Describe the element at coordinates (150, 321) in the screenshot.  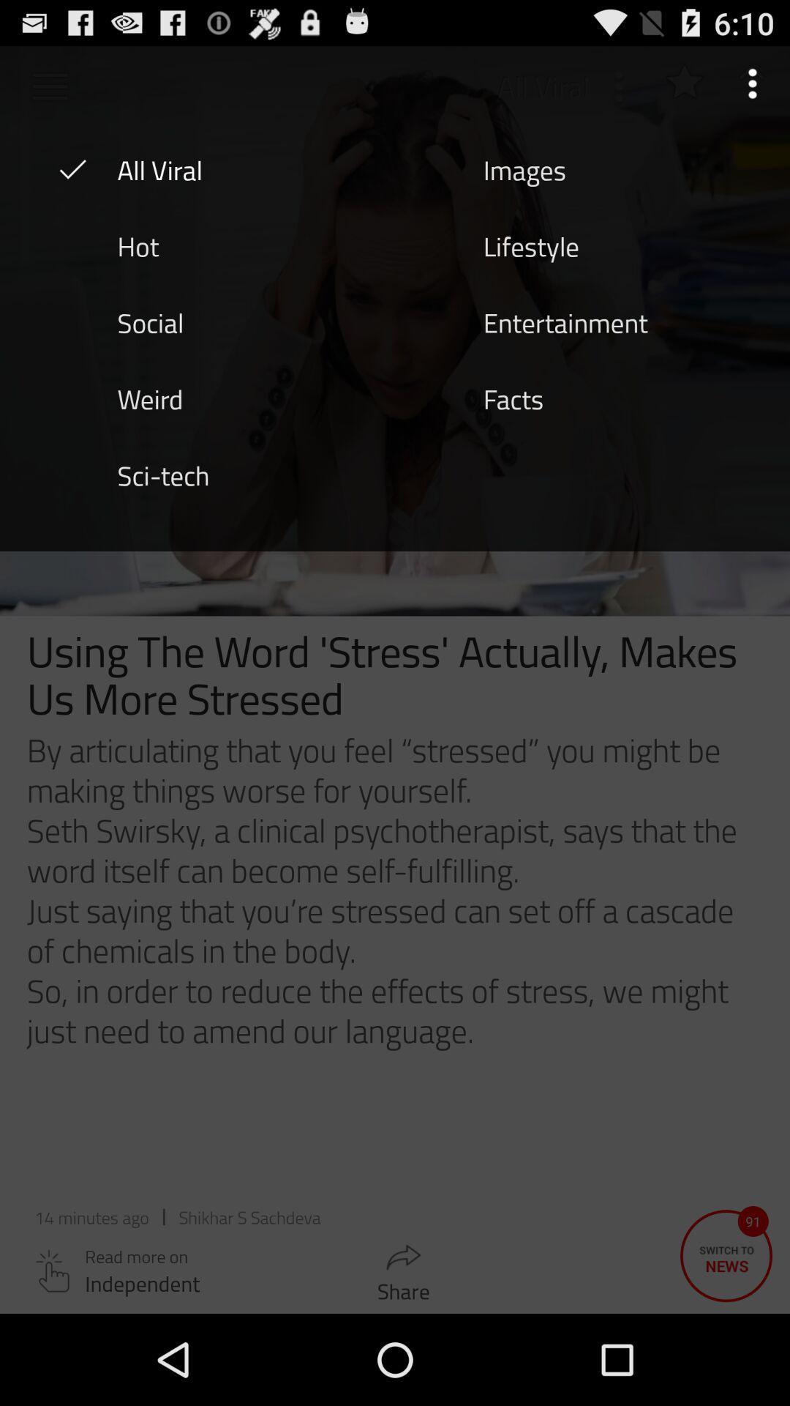
I see `social item` at that location.